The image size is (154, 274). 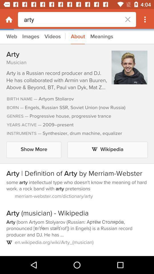 What do you see at coordinates (77, 143) in the screenshot?
I see `about a profile` at bounding box center [77, 143].